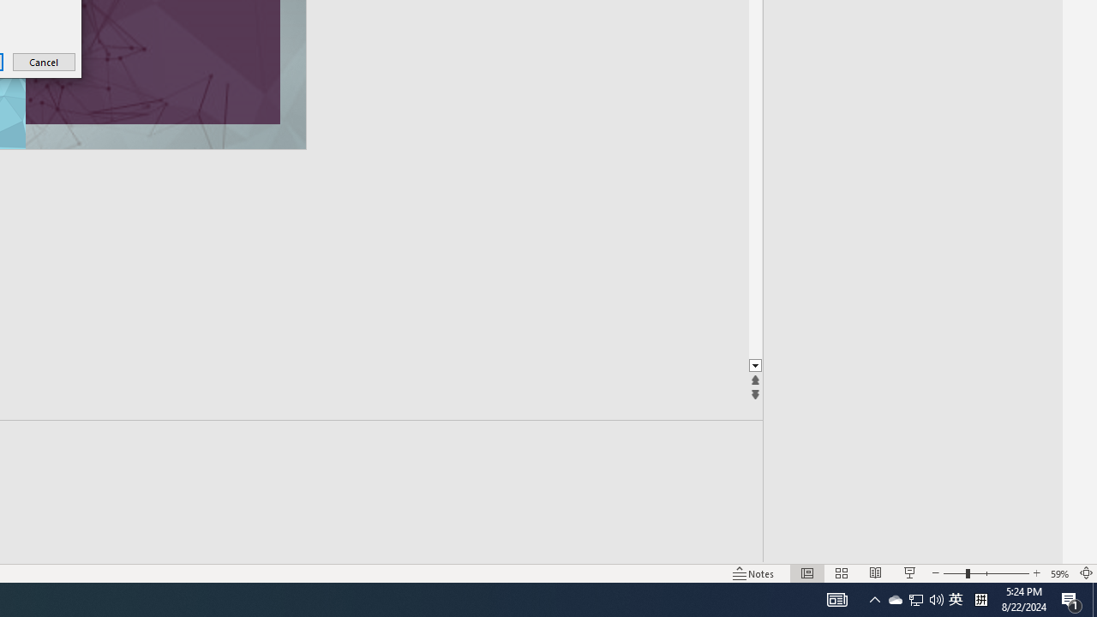 The height and width of the screenshot is (617, 1097). I want to click on 'Zoom 59%', so click(1059, 573).